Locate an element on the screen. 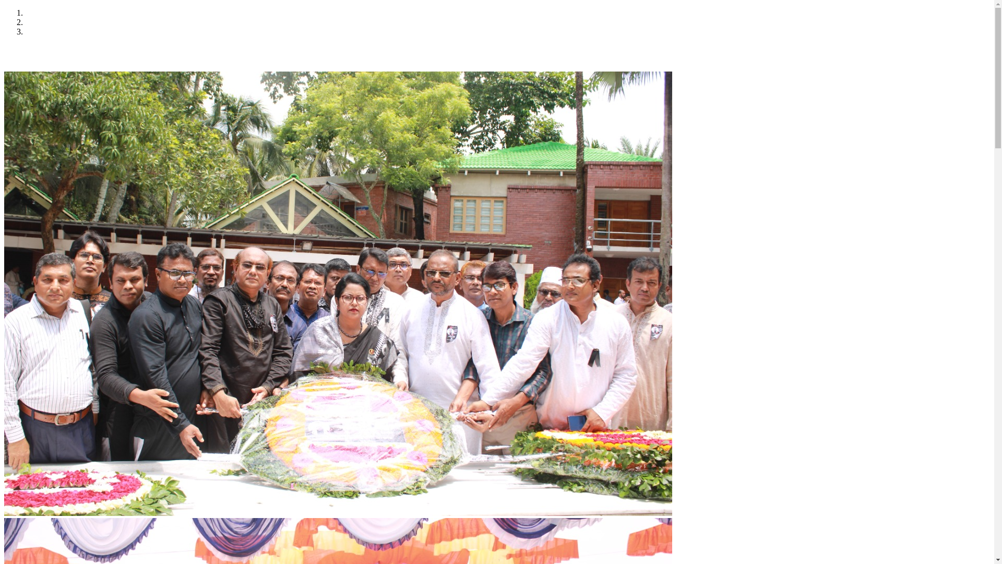 The image size is (1002, 564). 'Skip to content' is located at coordinates (4, 8).